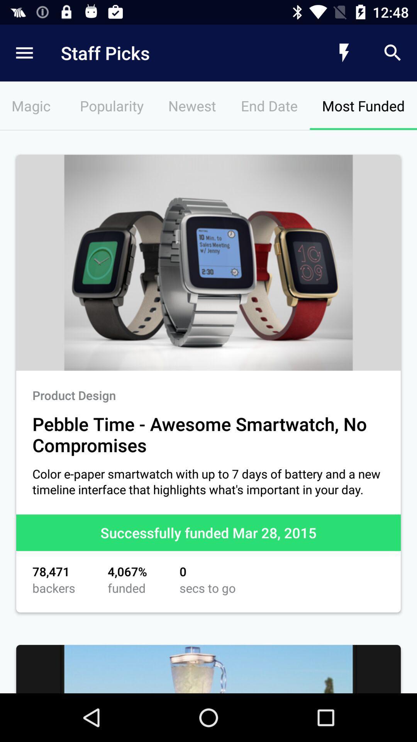 This screenshot has width=417, height=742. What do you see at coordinates (176, 53) in the screenshot?
I see `the staff picks` at bounding box center [176, 53].